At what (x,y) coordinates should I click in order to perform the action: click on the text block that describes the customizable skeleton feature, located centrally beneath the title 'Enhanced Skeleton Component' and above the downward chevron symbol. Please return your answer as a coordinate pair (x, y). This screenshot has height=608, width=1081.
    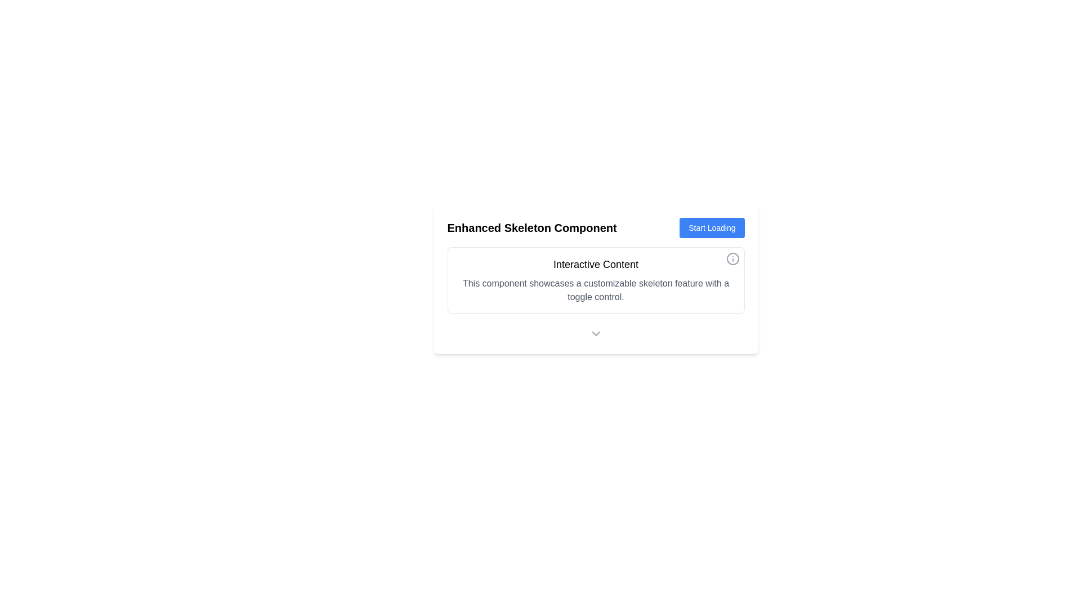
    Looking at the image, I should click on (595, 279).